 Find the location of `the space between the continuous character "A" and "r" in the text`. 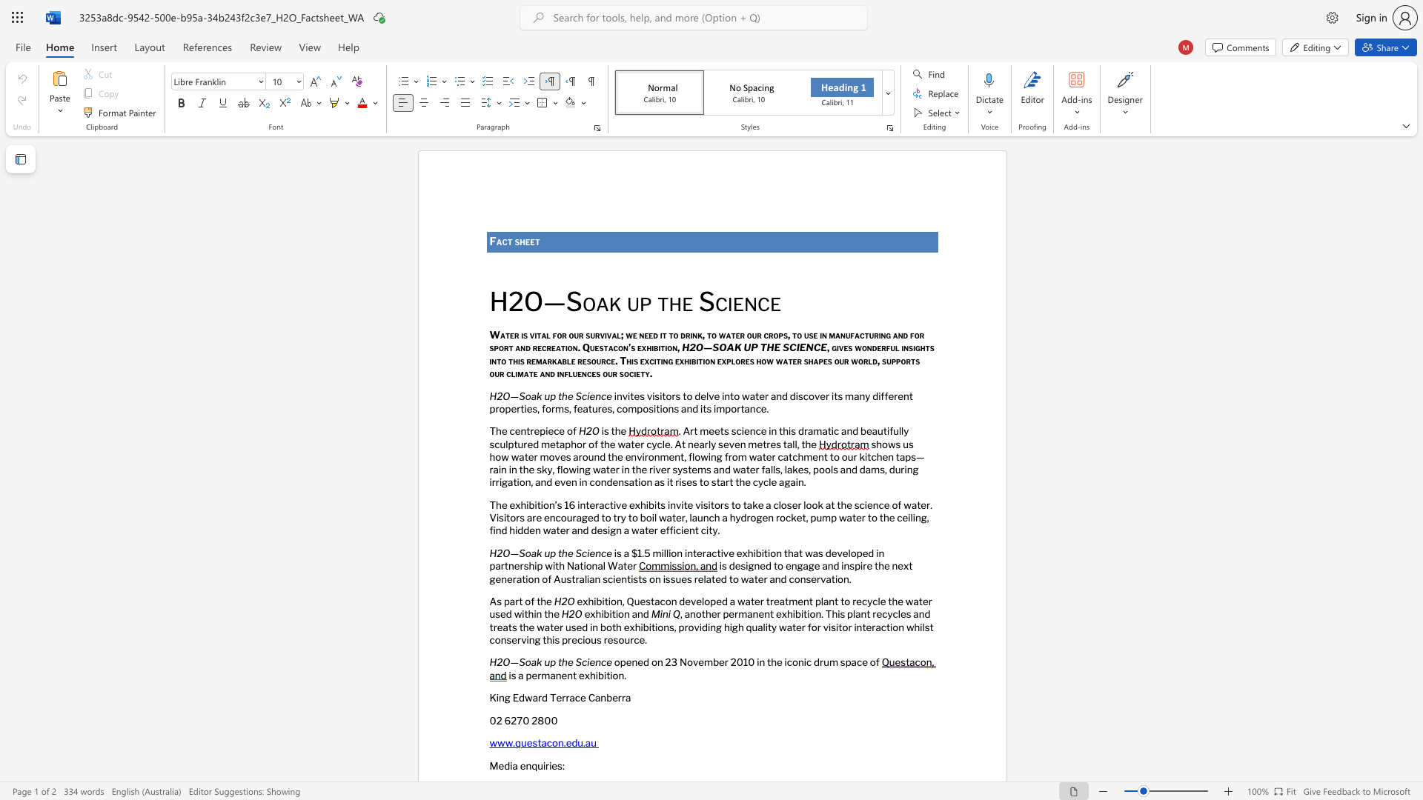

the space between the continuous character "A" and "r" in the text is located at coordinates (689, 431).